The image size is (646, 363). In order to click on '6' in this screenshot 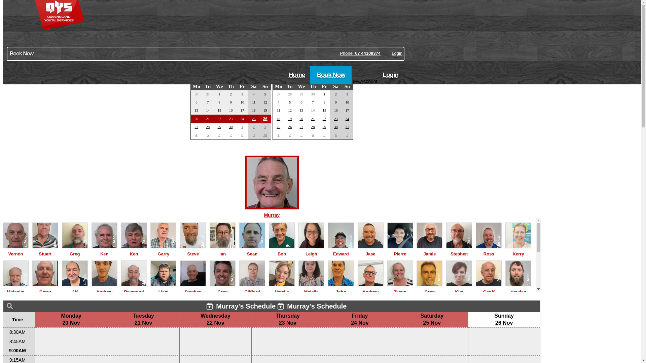, I will do `click(301, 102)`.